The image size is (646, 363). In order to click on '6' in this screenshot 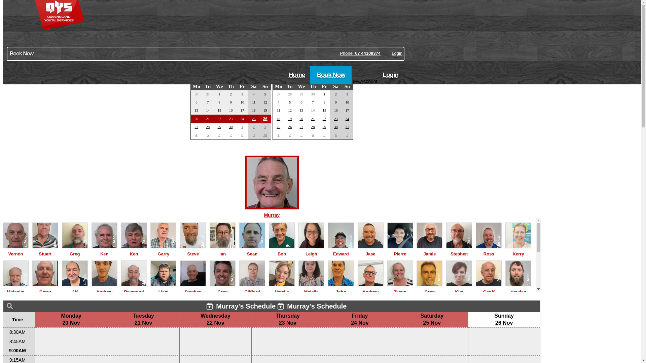, I will do `click(301, 102)`.